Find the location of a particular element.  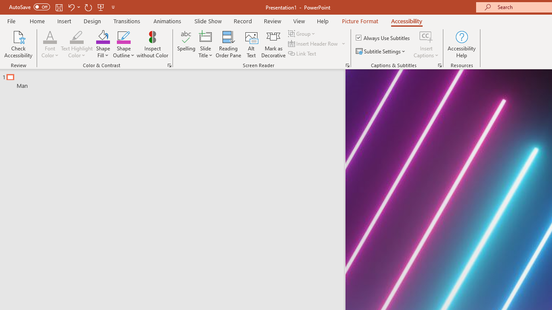

'Subtitle Settings' is located at coordinates (381, 51).